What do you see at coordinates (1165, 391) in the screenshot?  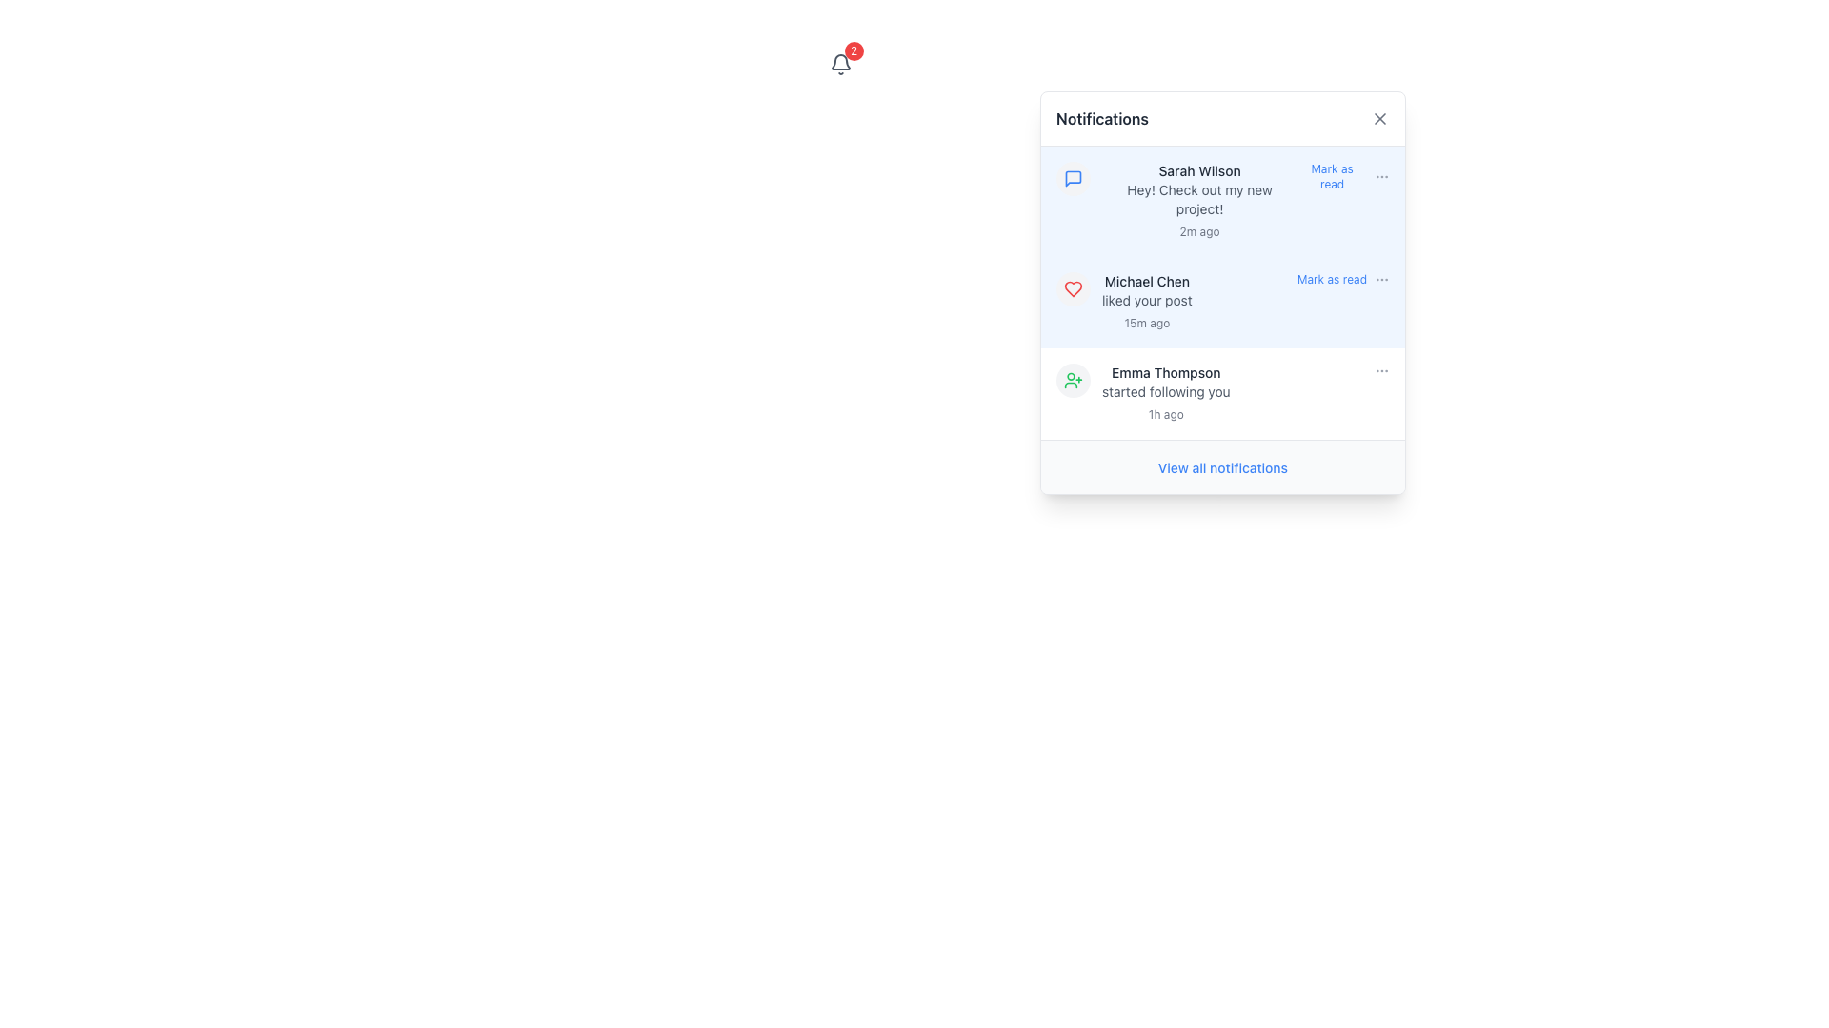 I see `the notification text that informs the user that Emma Thompson started following them, which is located below the username and above the timestamp` at bounding box center [1165, 391].